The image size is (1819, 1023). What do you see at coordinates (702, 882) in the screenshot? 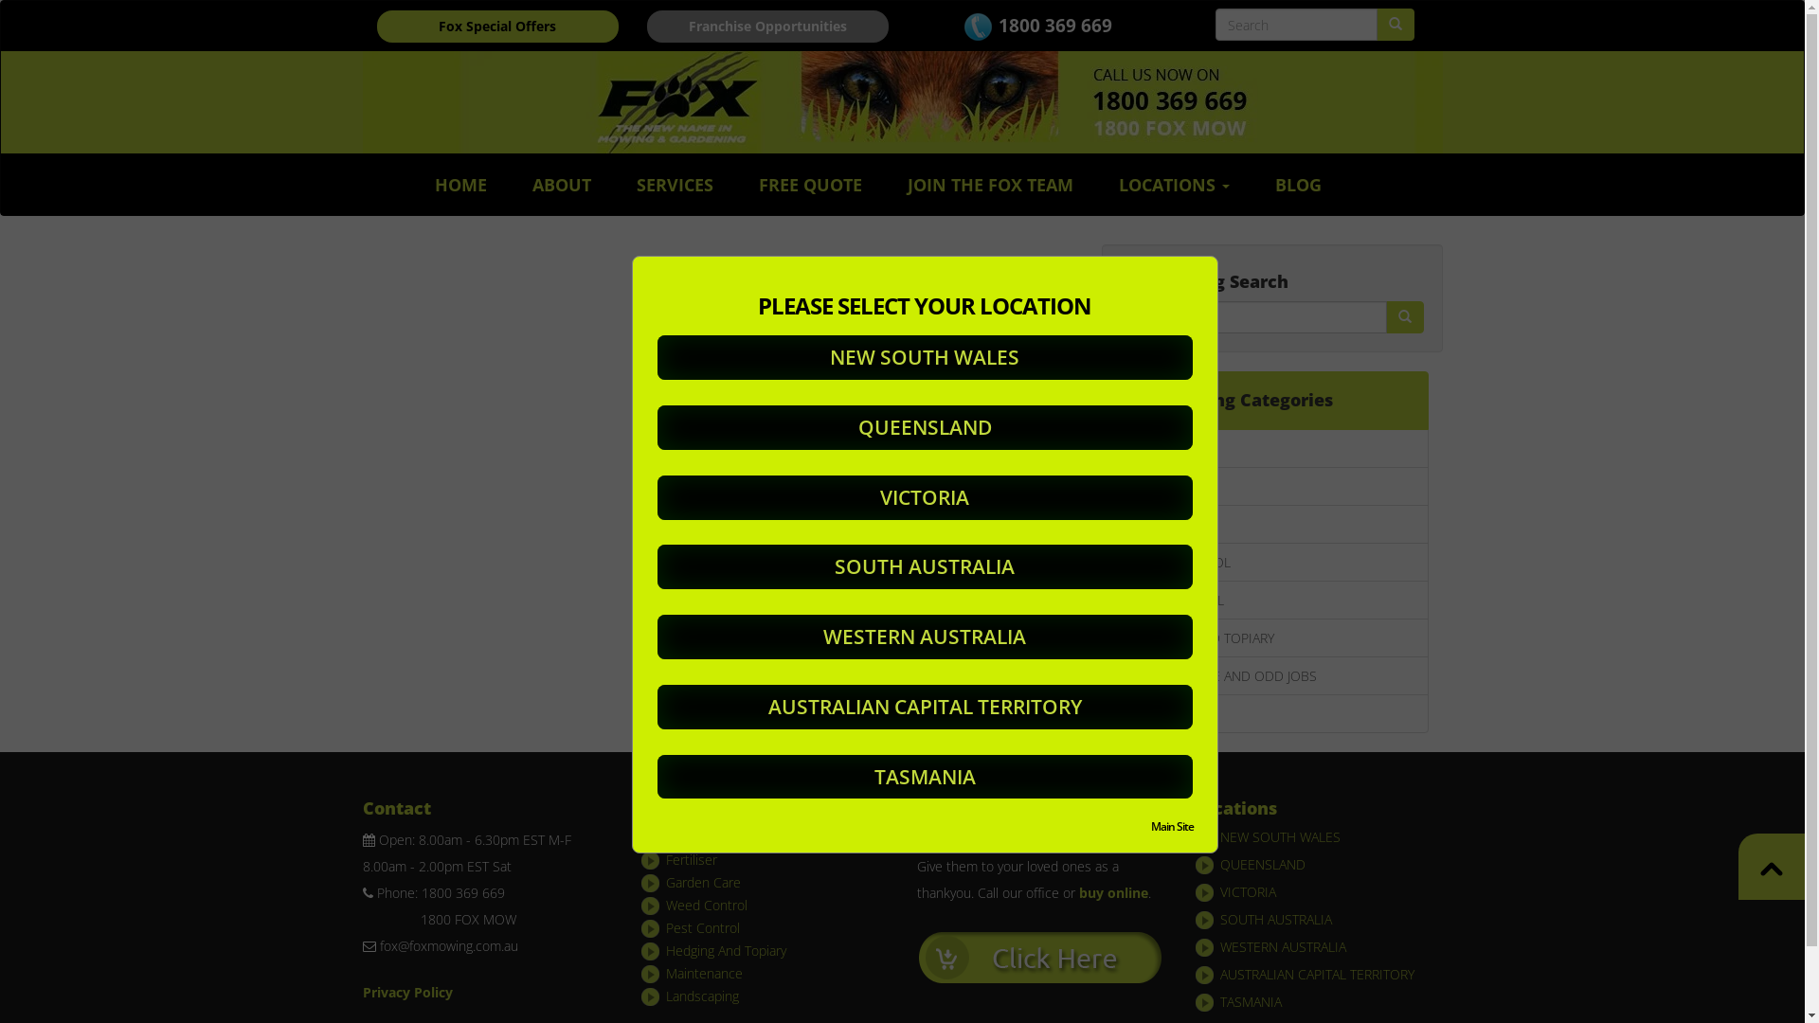
I see `'Garden Care'` at bounding box center [702, 882].